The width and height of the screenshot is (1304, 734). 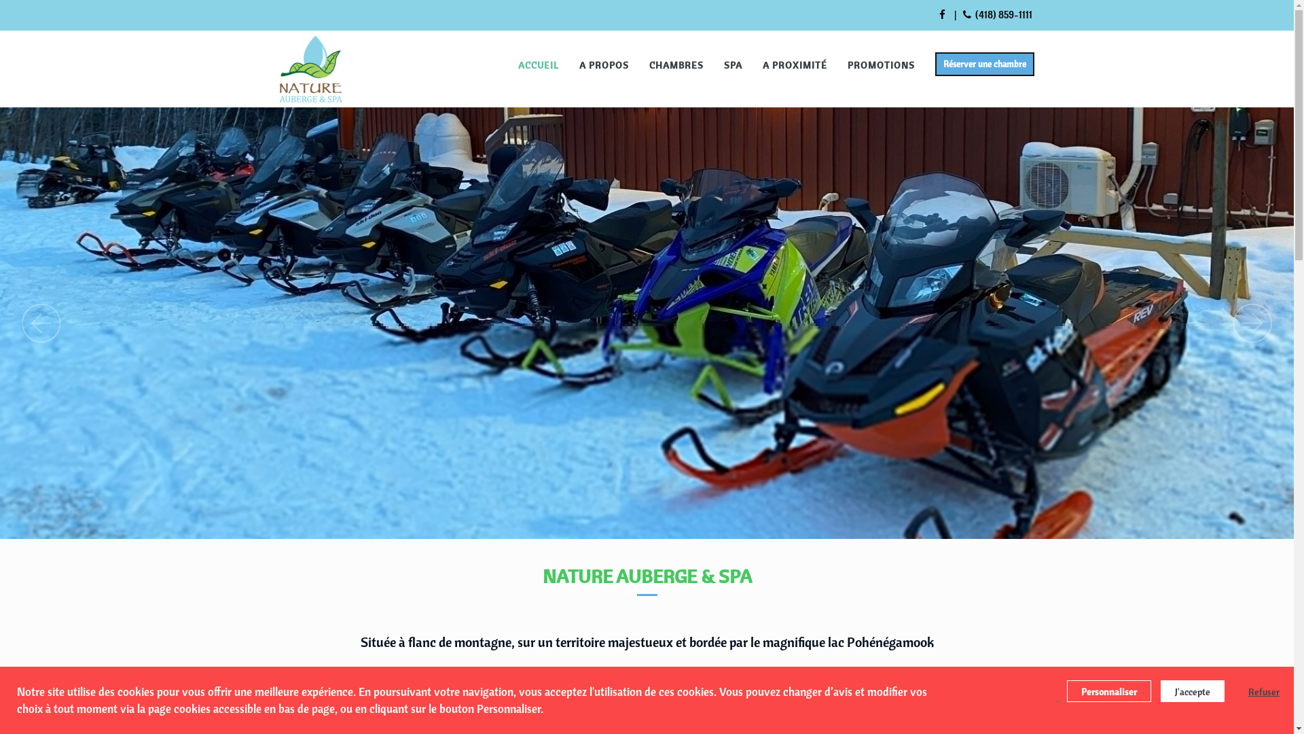 What do you see at coordinates (1192, 691) in the screenshot?
I see `'J'accepte'` at bounding box center [1192, 691].